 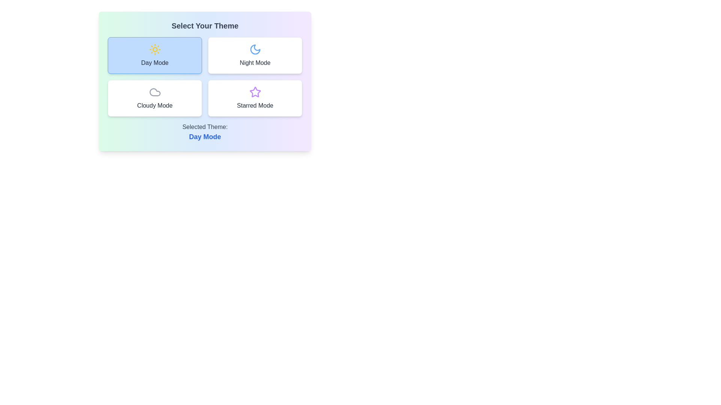 What do you see at coordinates (154, 98) in the screenshot?
I see `the button corresponding to Cloudy Mode theme to observe its hover effect` at bounding box center [154, 98].